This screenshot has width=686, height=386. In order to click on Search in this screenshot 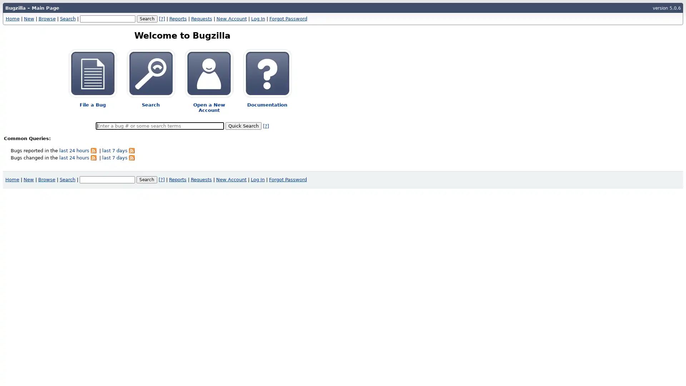, I will do `click(146, 179)`.